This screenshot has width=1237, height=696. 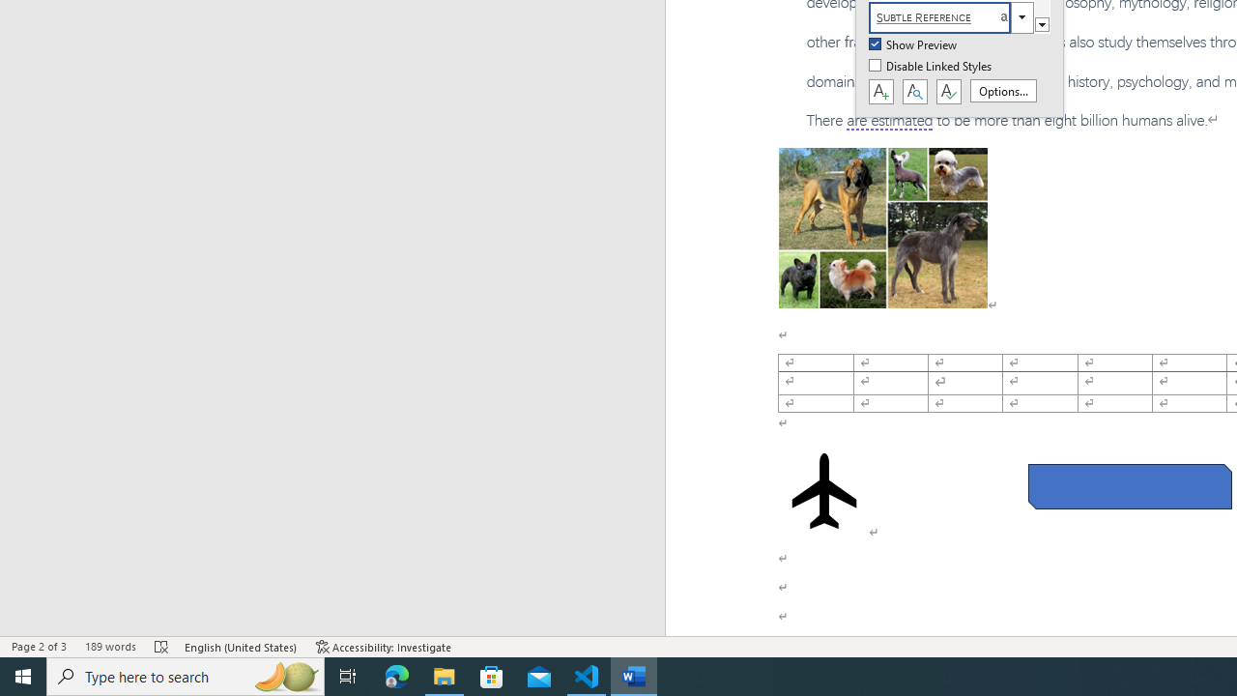 I want to click on 'Rectangle: Diagonal Corners Snipped 2', so click(x=1130, y=485).